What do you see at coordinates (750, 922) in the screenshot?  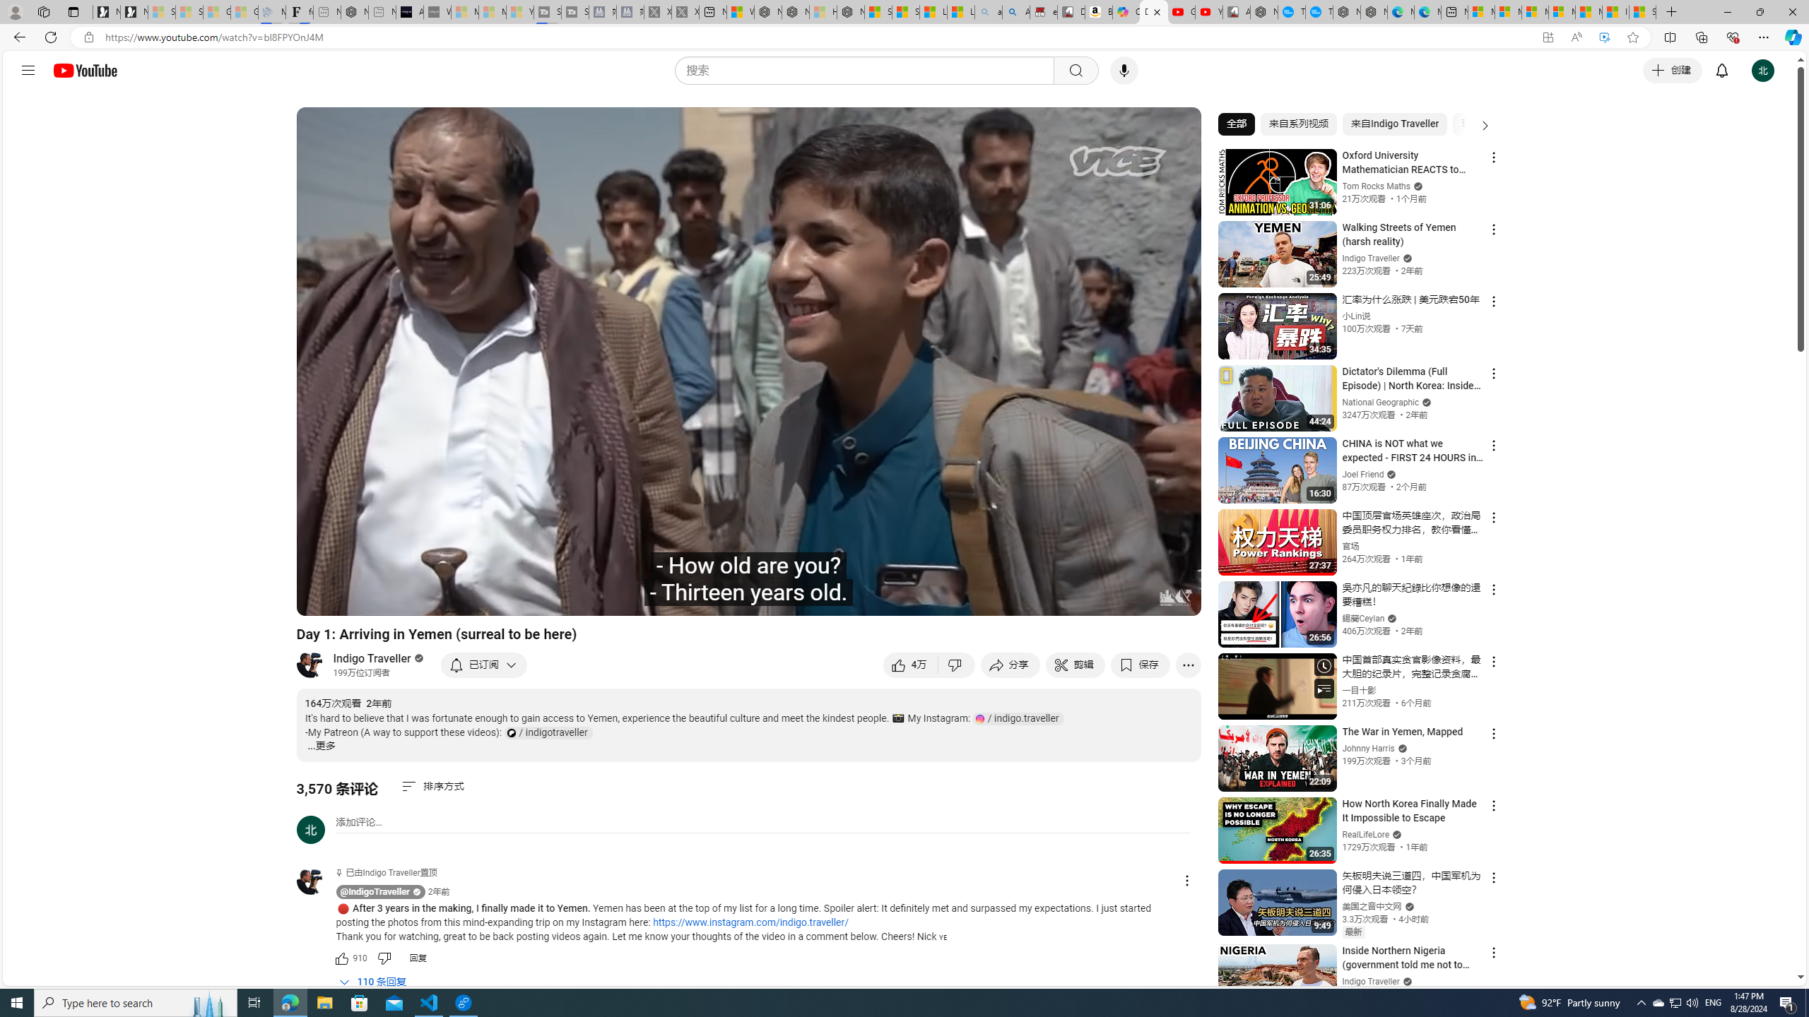 I see `'https://www.instagram.com/indigo.traveller/'` at bounding box center [750, 922].